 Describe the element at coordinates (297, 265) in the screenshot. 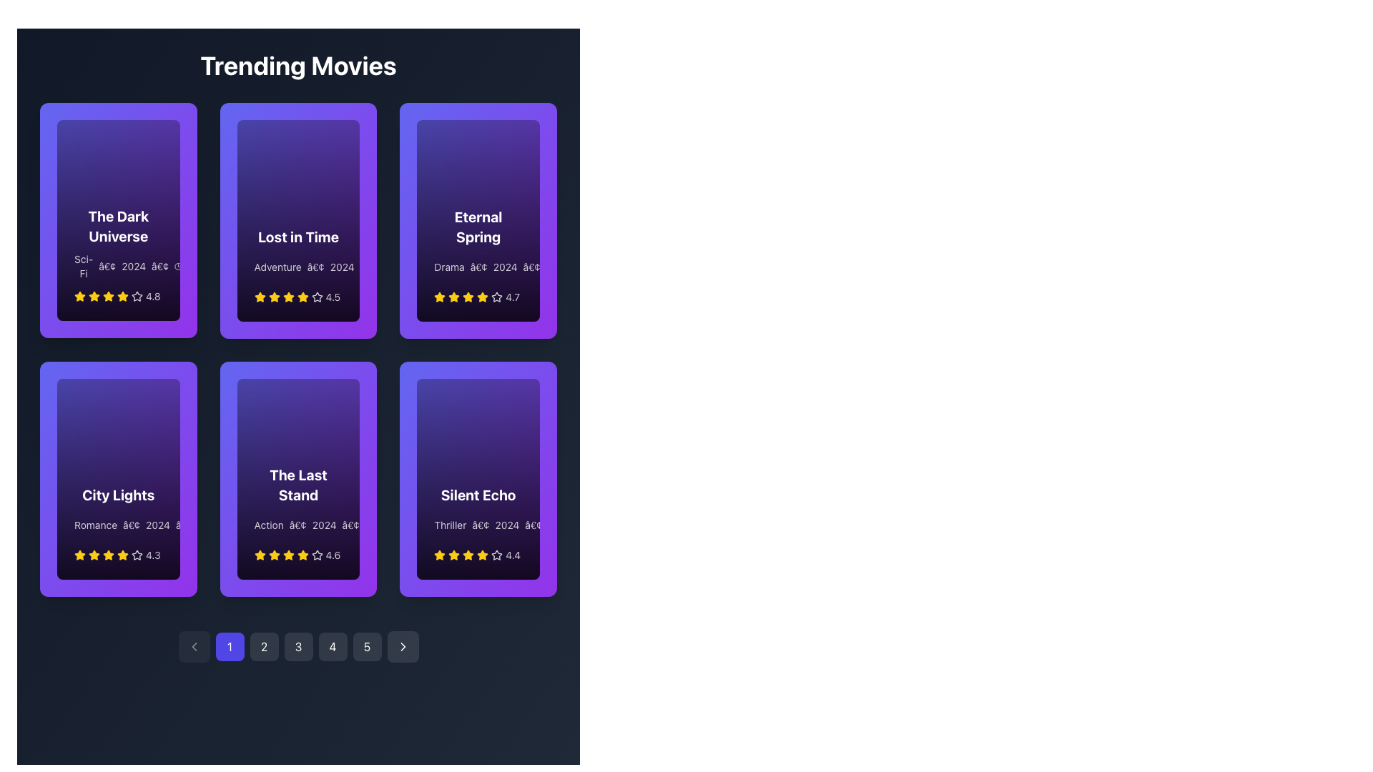

I see `the 'Lost in Time' text in the movie listing card` at that location.